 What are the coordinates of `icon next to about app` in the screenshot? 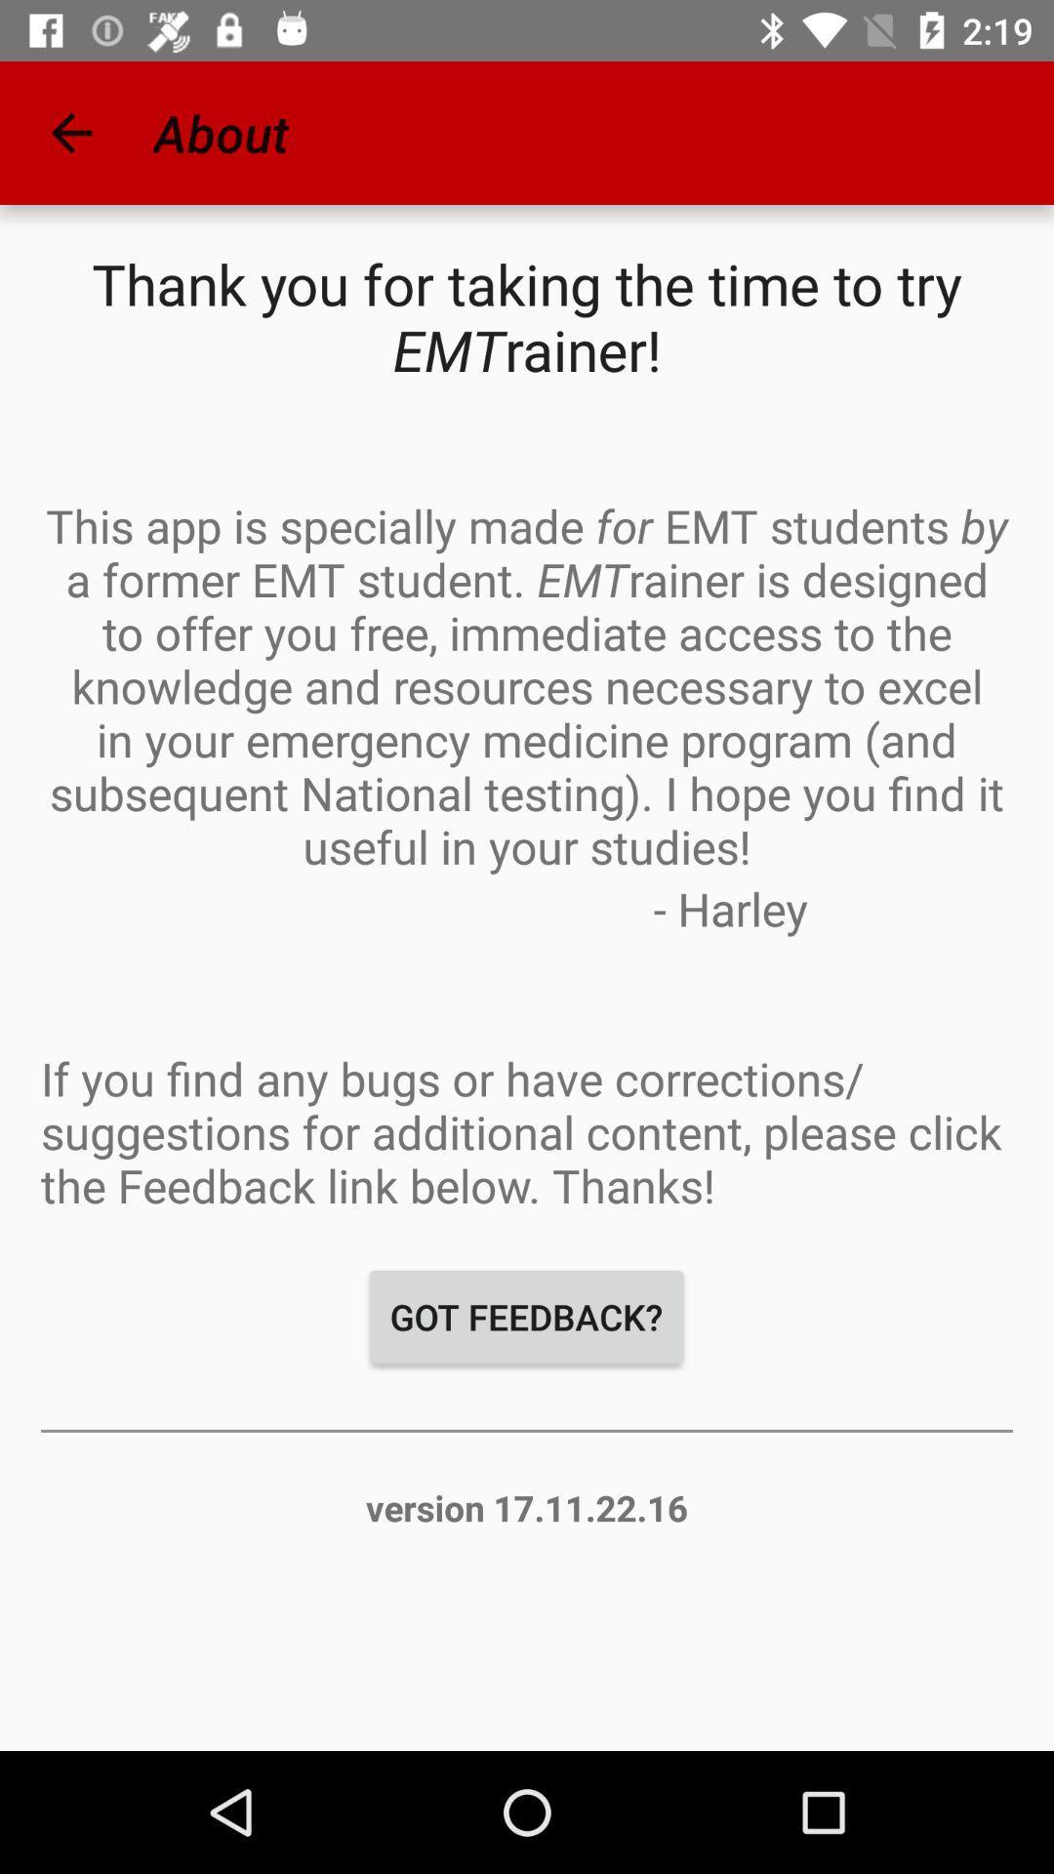 It's located at (70, 132).